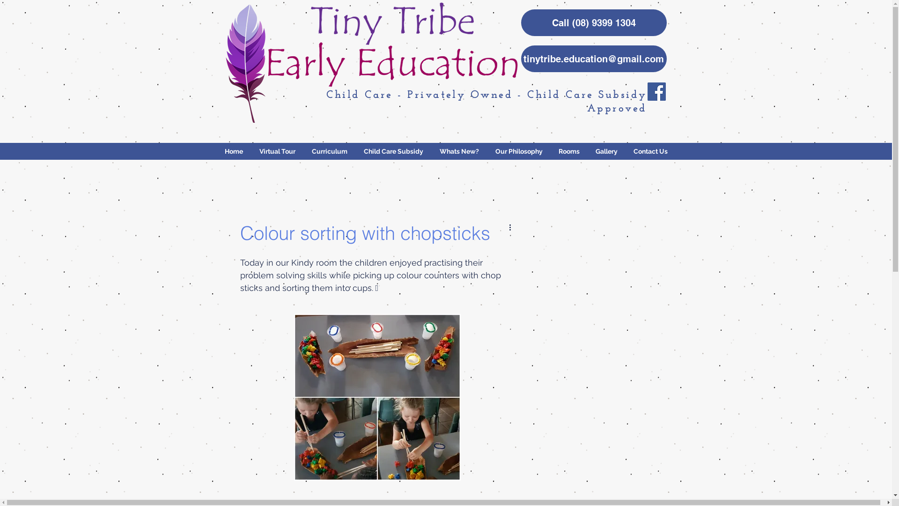  Describe the element at coordinates (251, 151) in the screenshot. I see `'Virtual Tour'` at that location.